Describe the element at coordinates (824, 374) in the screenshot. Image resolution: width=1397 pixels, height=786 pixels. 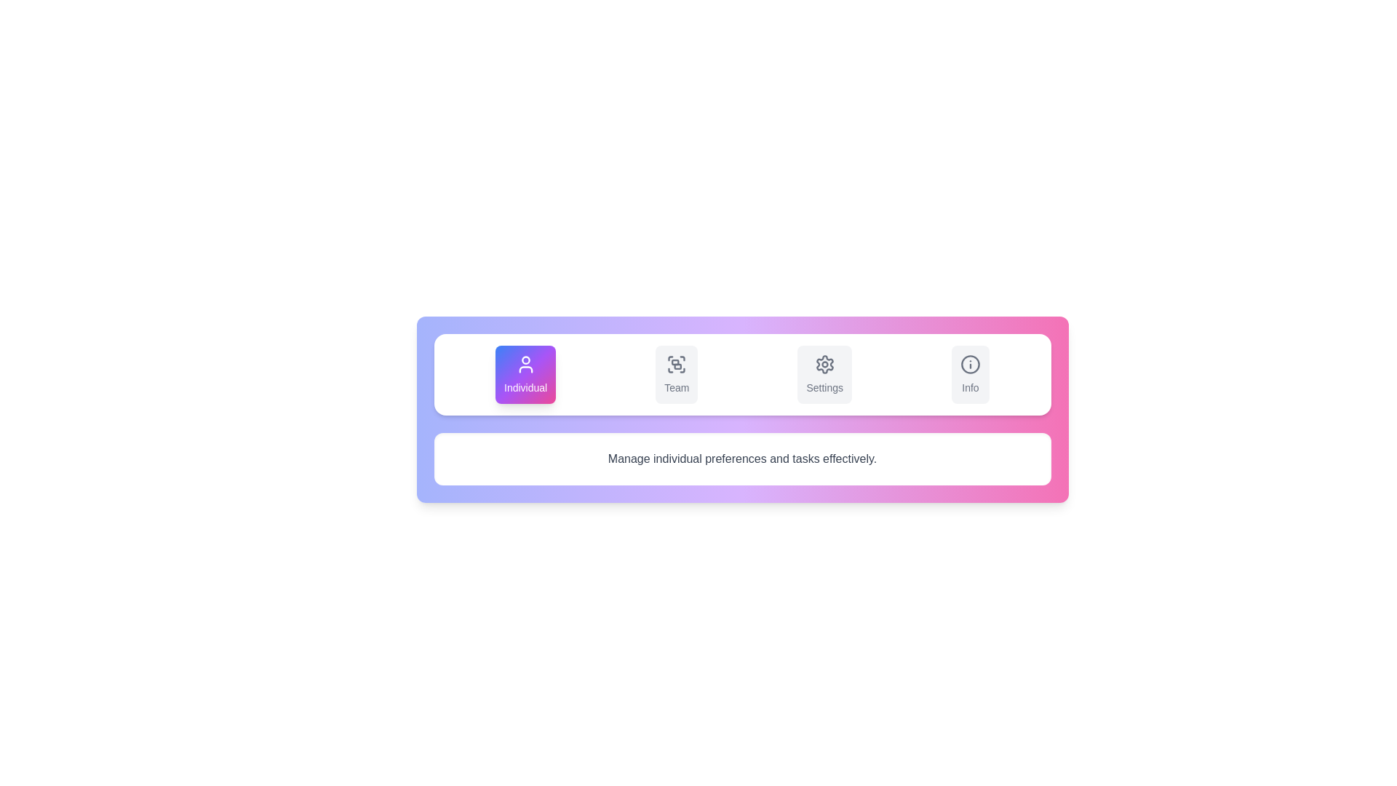
I see `the 'Settings' button, which is a rectangular button with a light gray background and a cog icon above the text` at that location.